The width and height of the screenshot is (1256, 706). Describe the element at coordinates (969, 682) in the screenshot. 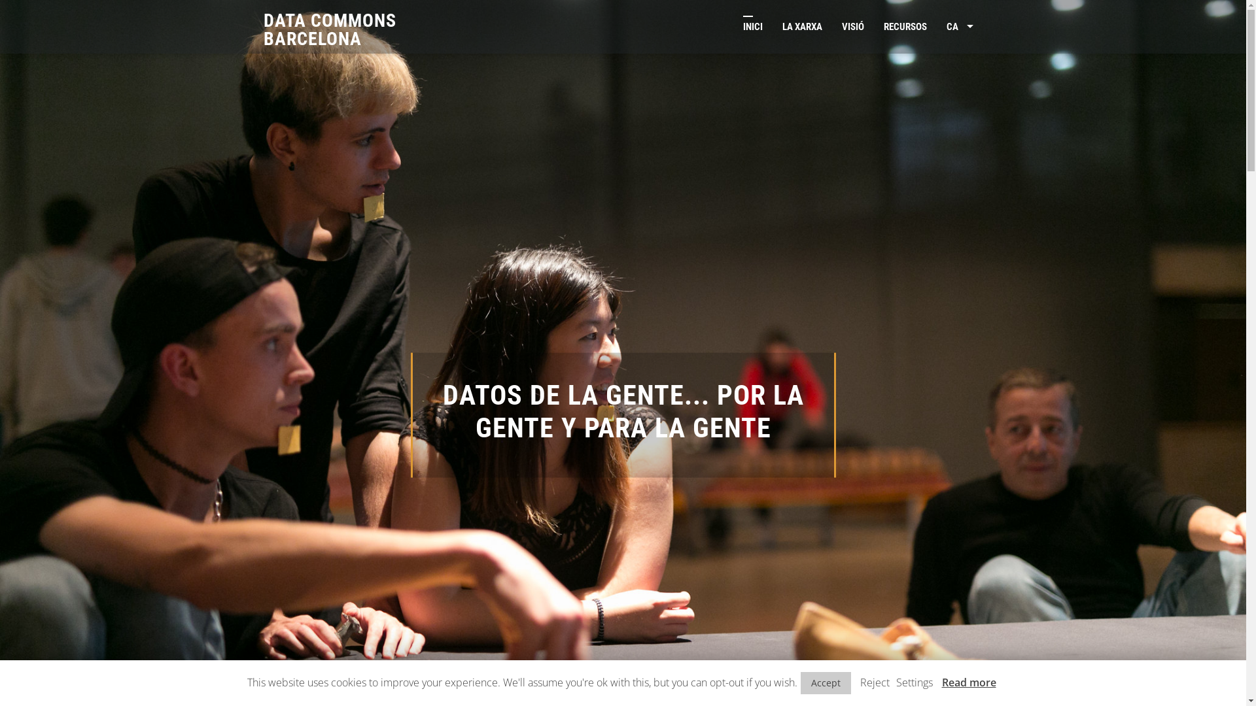

I see `'Read more'` at that location.